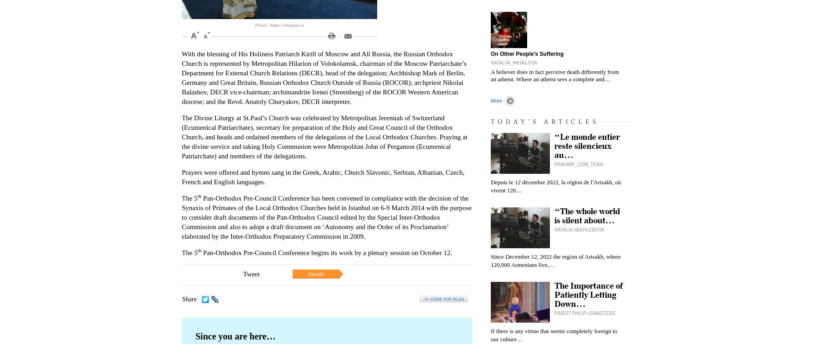 The image size is (818, 344). I want to click on '<\> Code for blog', so click(443, 299).